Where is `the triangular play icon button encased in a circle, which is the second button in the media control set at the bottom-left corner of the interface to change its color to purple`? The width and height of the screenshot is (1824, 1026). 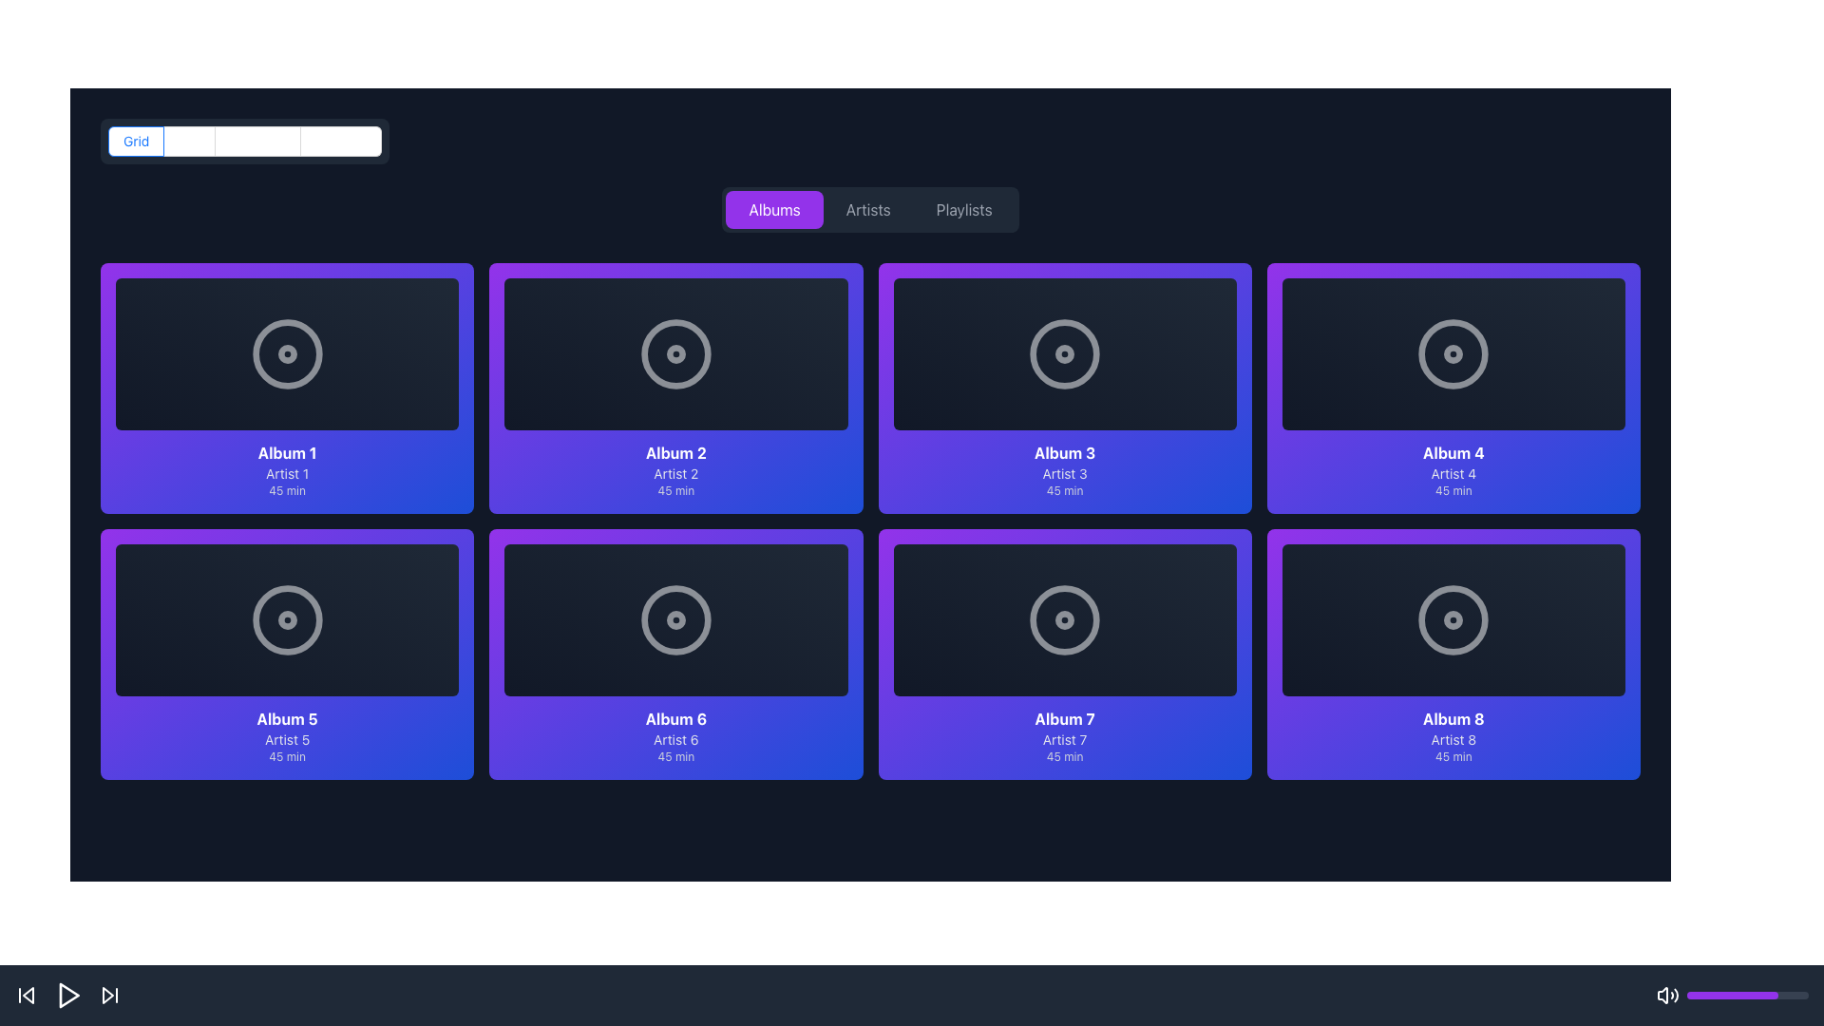 the triangular play icon button encased in a circle, which is the second button in the media control set at the bottom-left corner of the interface to change its color to purple is located at coordinates (68, 995).